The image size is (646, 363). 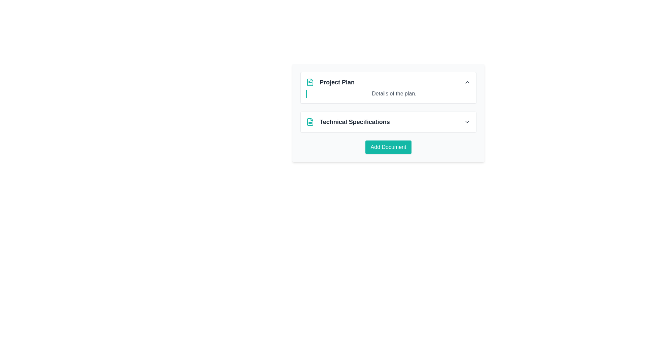 I want to click on the Chevron-style toggle button located at the far right of the 'Project Plan' row, so click(x=467, y=82).